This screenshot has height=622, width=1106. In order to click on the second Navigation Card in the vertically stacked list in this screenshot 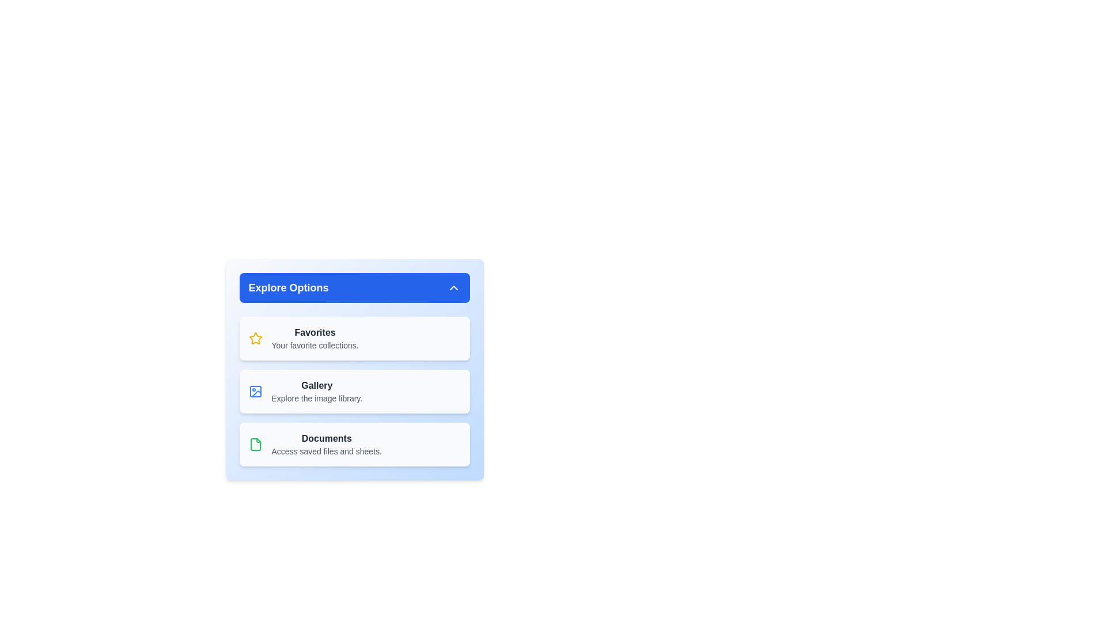, I will do `click(354, 390)`.